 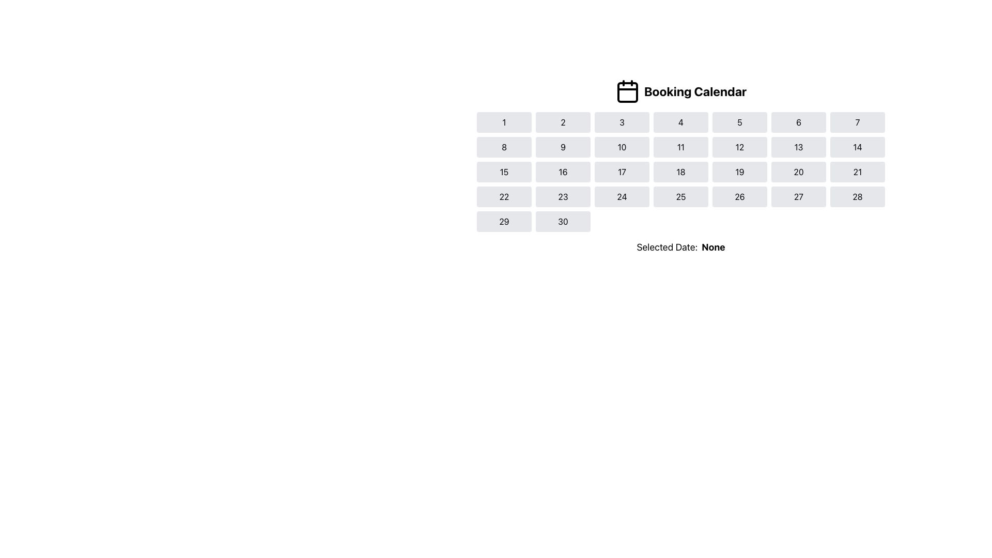 What do you see at coordinates (562, 171) in the screenshot?
I see `the rounded rectangular button with the number '16' on it, located under the 'Booking Calendar' header` at bounding box center [562, 171].